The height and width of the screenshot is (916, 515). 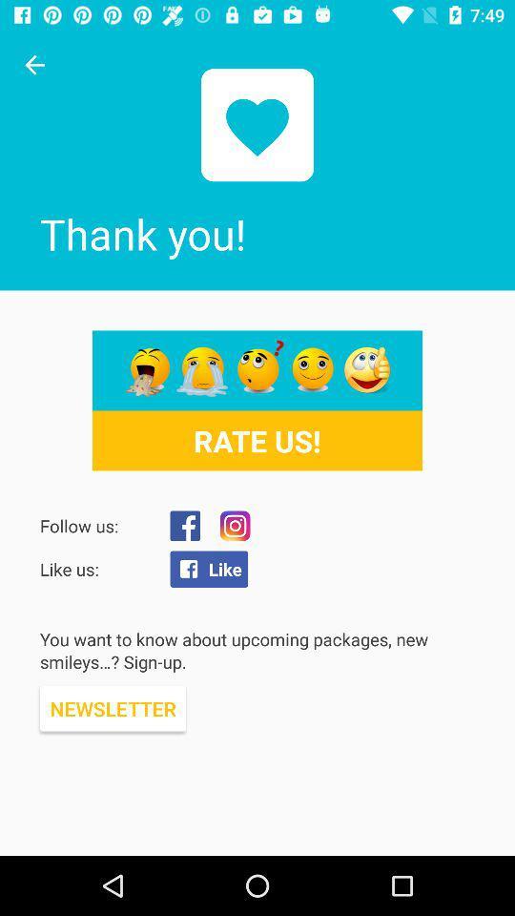 I want to click on instagram page, so click(x=235, y=526).